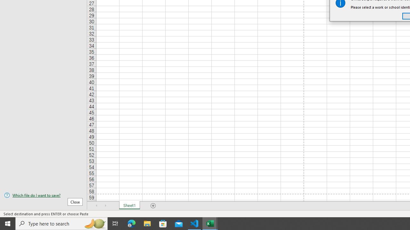 This screenshot has height=230, width=410. Describe the element at coordinates (8, 223) in the screenshot. I see `'Start'` at that location.